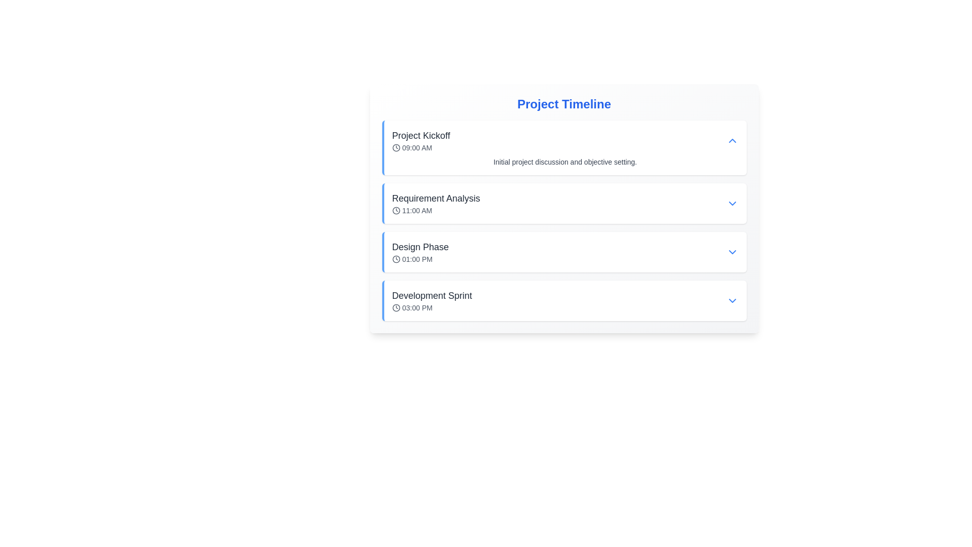  I want to click on the time indicator text label for the 'Project Kickoff' event, which is located at the end of the 'Project Kickoff' card in the 'Project Timeline' section, adjacent to the clock icon, so click(421, 148).